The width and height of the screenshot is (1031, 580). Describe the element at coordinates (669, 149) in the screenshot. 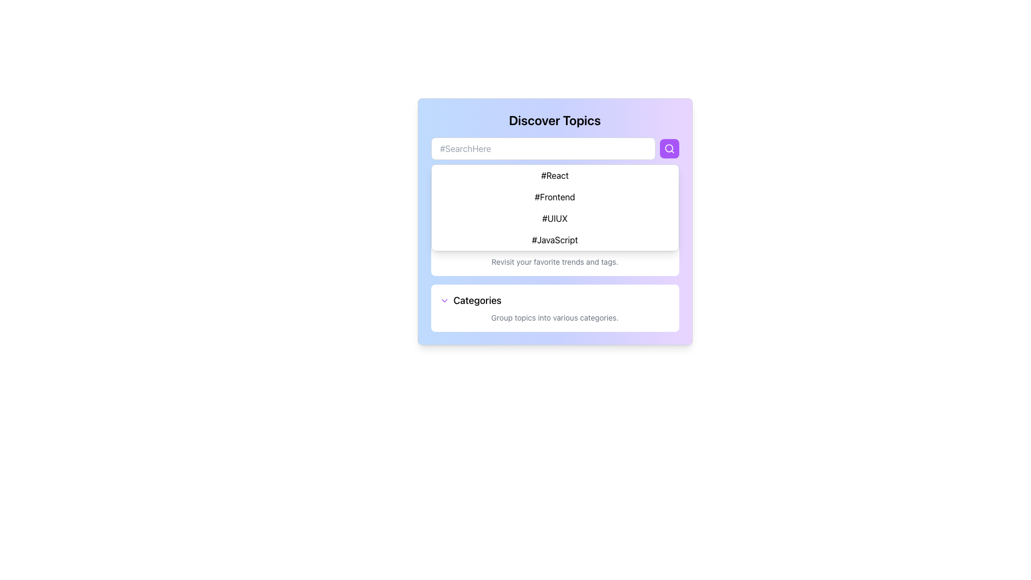

I see `the purple button with a white magnifying glass icon` at that location.